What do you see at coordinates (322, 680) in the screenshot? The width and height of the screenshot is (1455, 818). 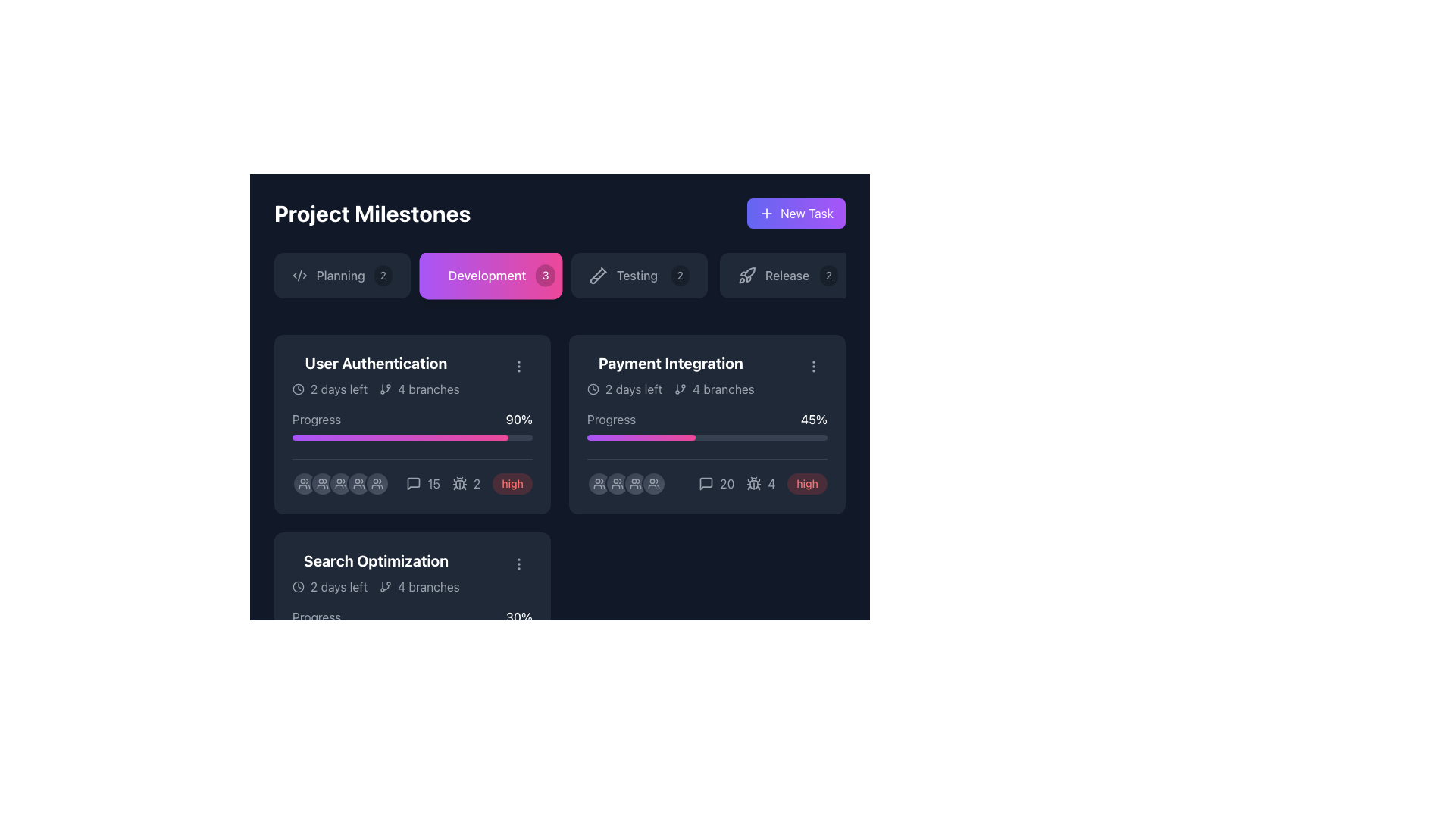 I see `the horizontal set of circular avatars representing users associated with a project` at bounding box center [322, 680].